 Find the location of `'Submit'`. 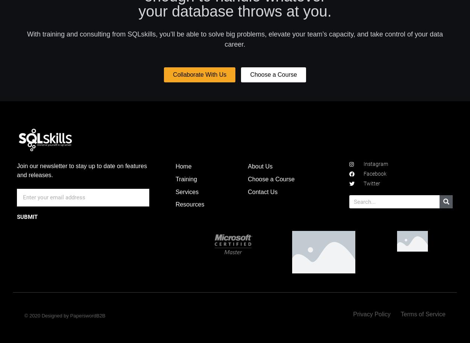

'Submit' is located at coordinates (27, 217).